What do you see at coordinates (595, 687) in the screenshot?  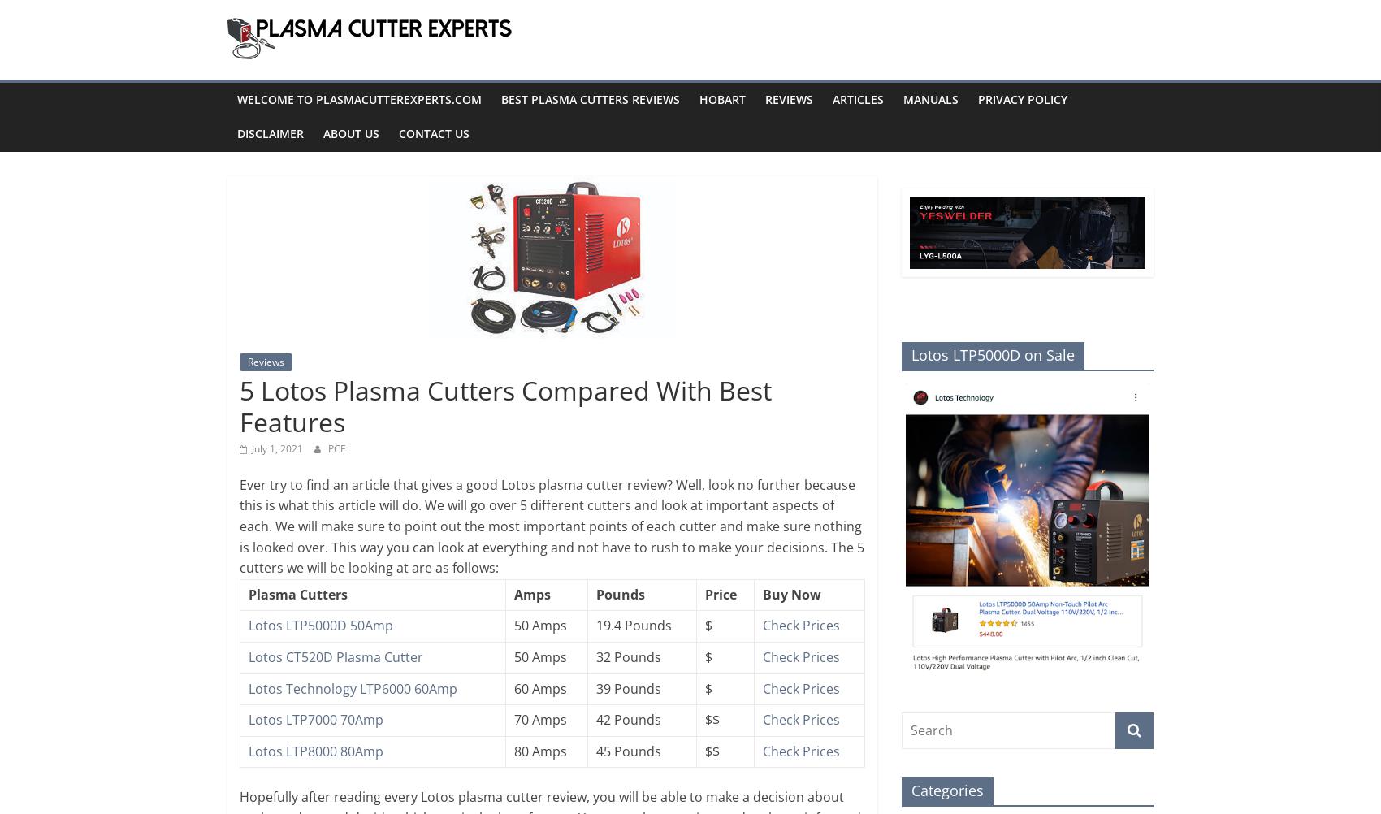 I see `'39 Pounds'` at bounding box center [595, 687].